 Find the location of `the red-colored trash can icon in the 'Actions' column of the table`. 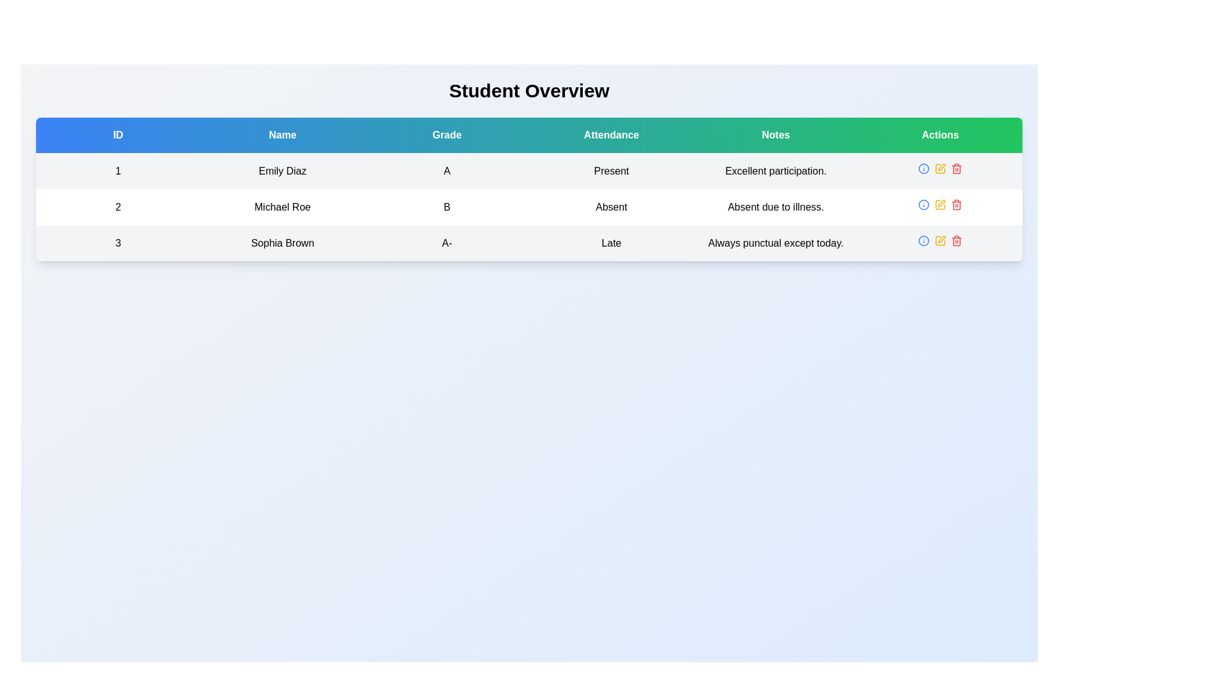

the red-colored trash can icon in the 'Actions' column of the table is located at coordinates (957, 241).